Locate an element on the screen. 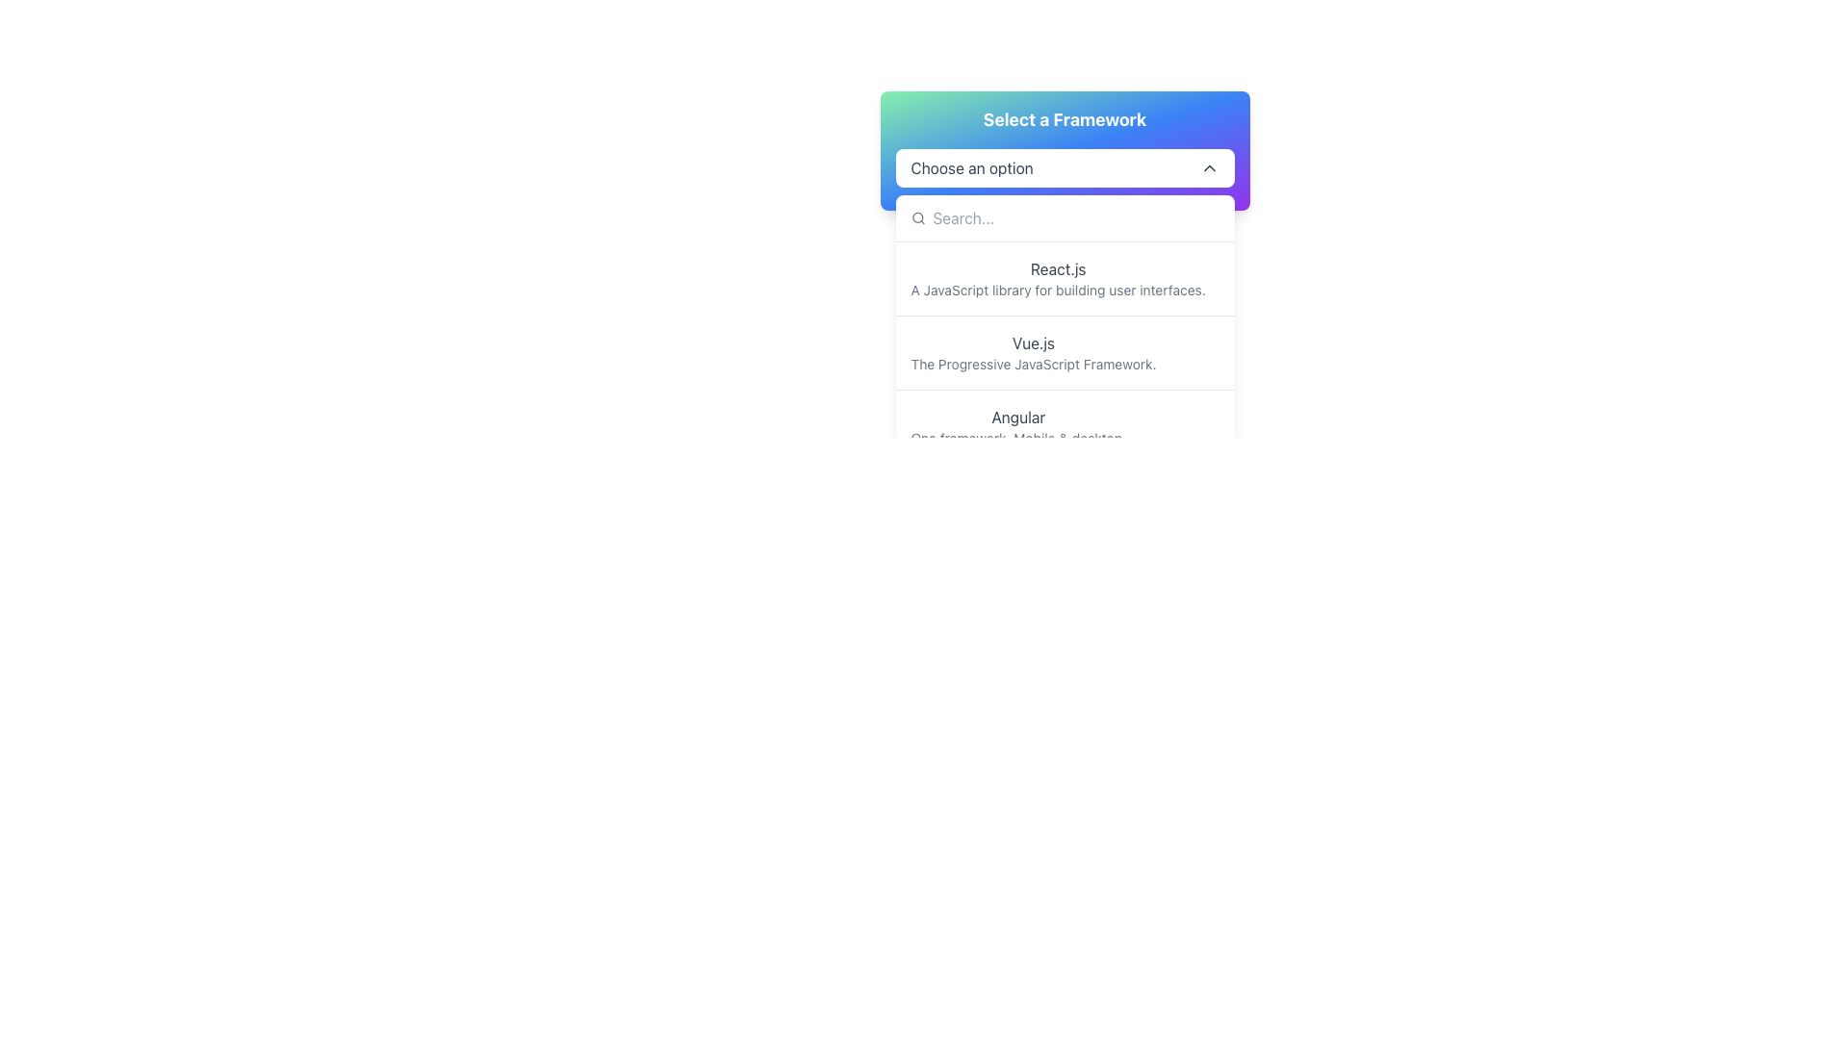  the 'Vue.js' text item in the dropdown menu is located at coordinates (1033, 342).